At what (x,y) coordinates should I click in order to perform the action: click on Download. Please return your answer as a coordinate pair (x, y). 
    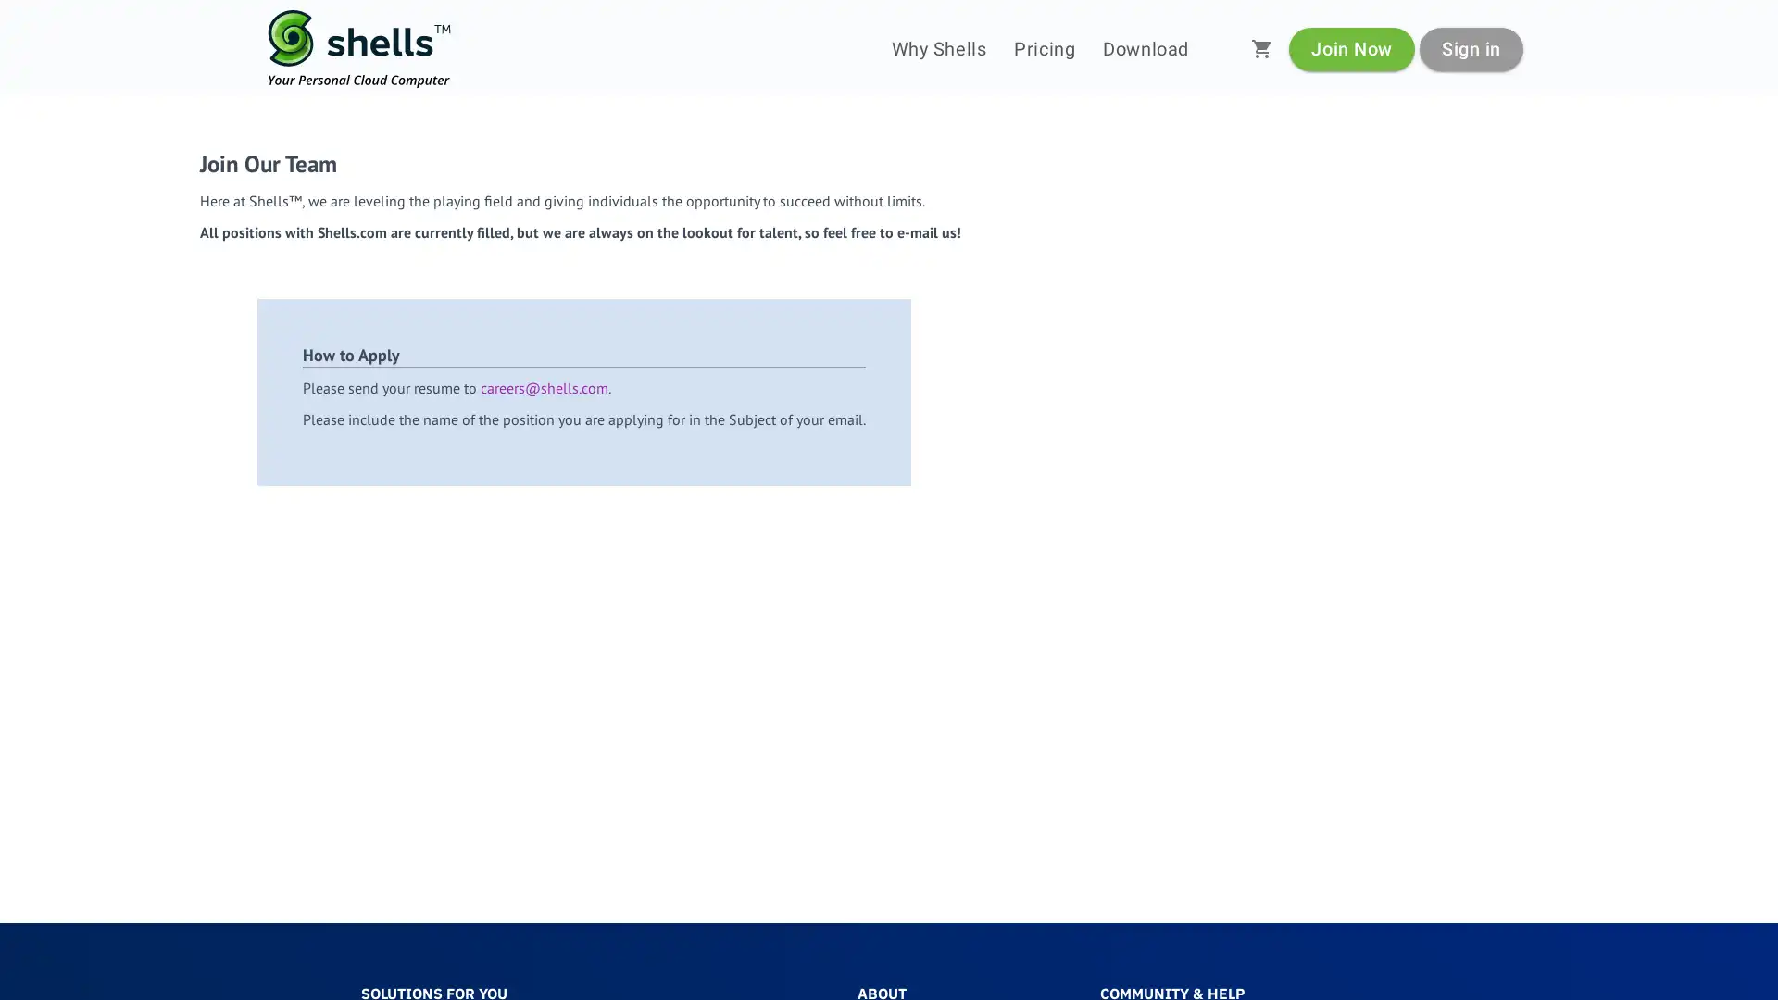
    Looking at the image, I should click on (1145, 48).